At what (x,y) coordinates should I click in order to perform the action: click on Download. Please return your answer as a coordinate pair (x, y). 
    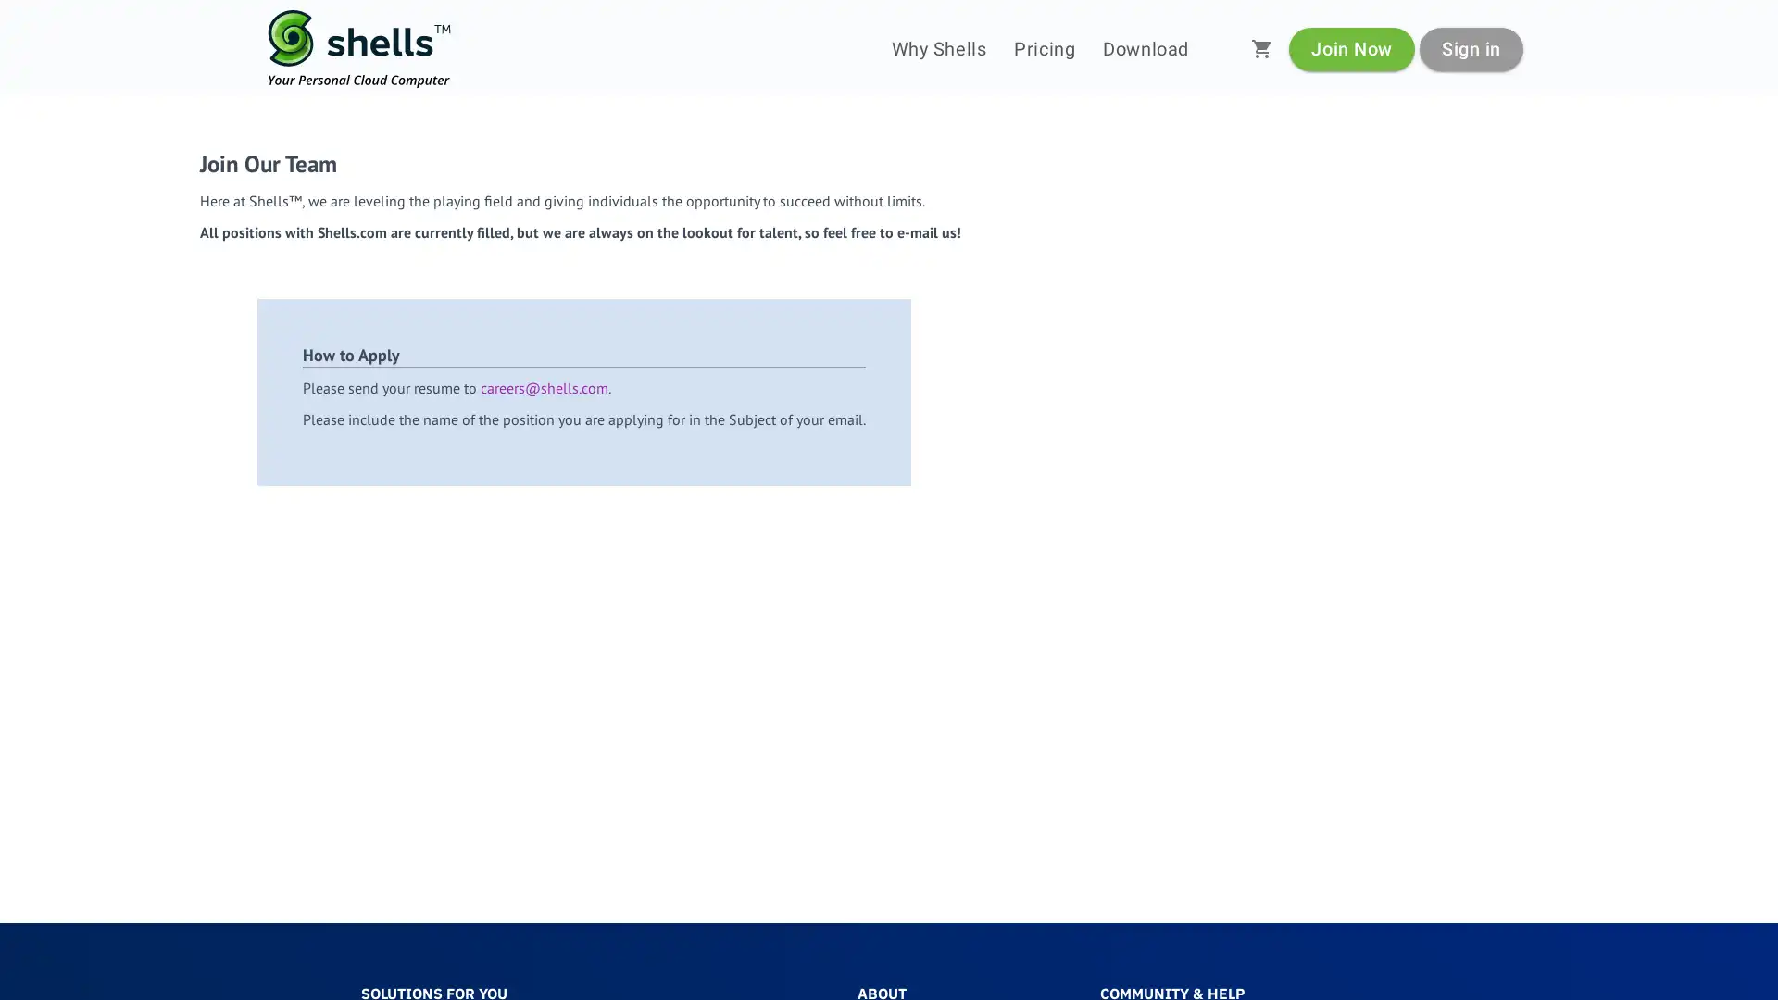
    Looking at the image, I should click on (1145, 48).